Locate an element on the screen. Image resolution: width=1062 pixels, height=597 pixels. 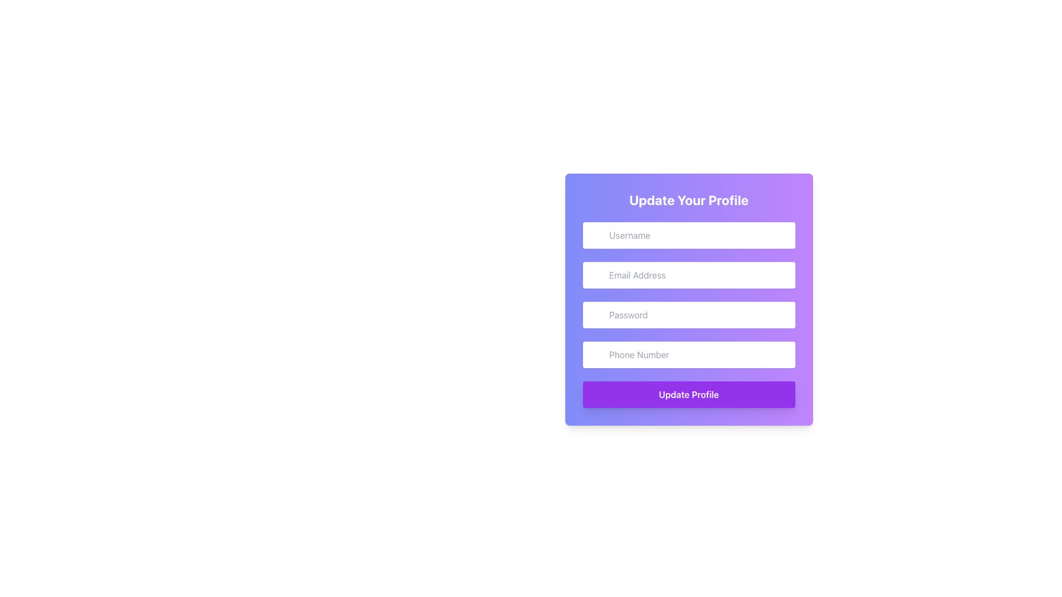
the email input field located is located at coordinates (688, 274).